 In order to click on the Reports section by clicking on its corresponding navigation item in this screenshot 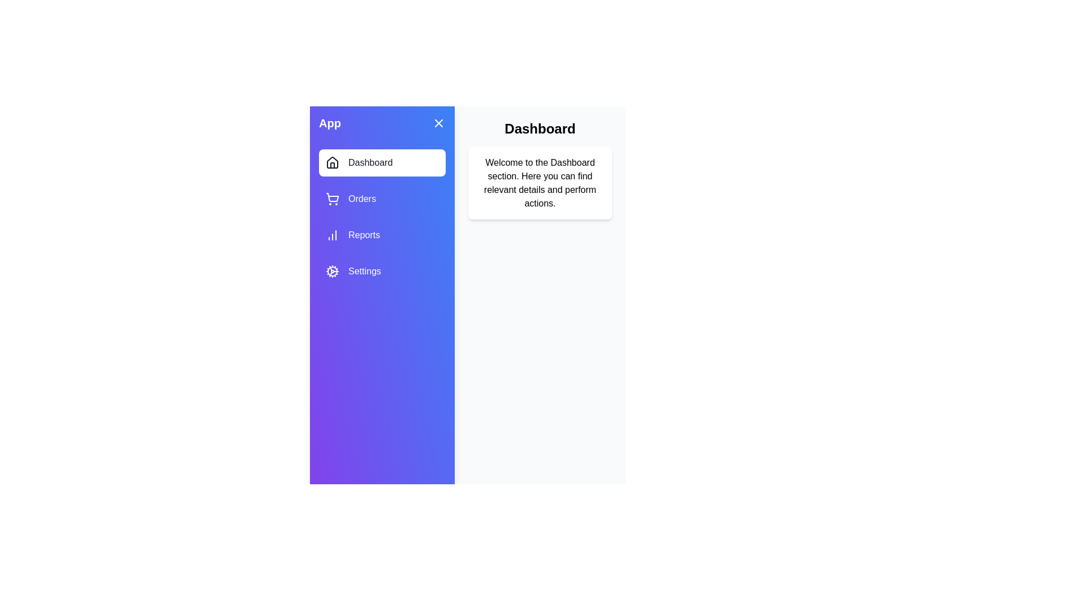, I will do `click(382, 235)`.